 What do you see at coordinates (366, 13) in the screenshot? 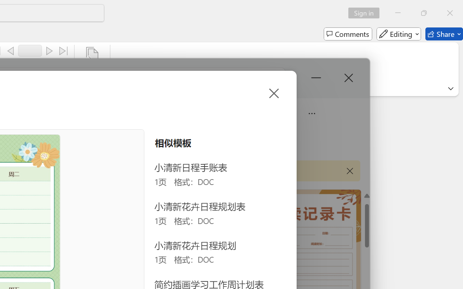
I see `'Sign in'` at bounding box center [366, 13].